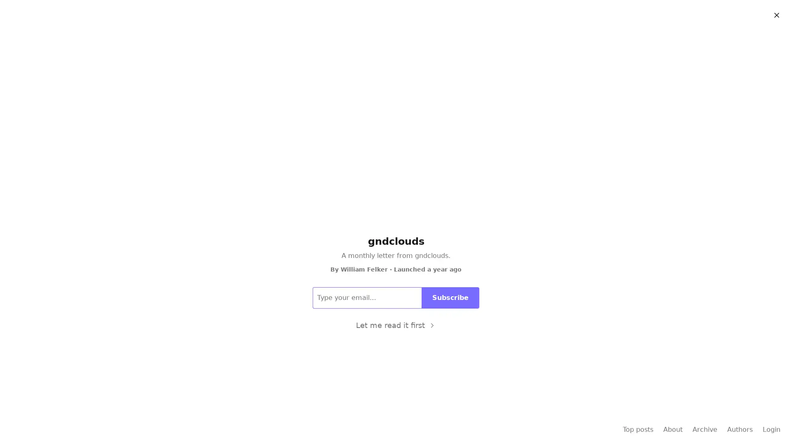 The height and width of the screenshot is (445, 792). I want to click on Home, so click(366, 36).